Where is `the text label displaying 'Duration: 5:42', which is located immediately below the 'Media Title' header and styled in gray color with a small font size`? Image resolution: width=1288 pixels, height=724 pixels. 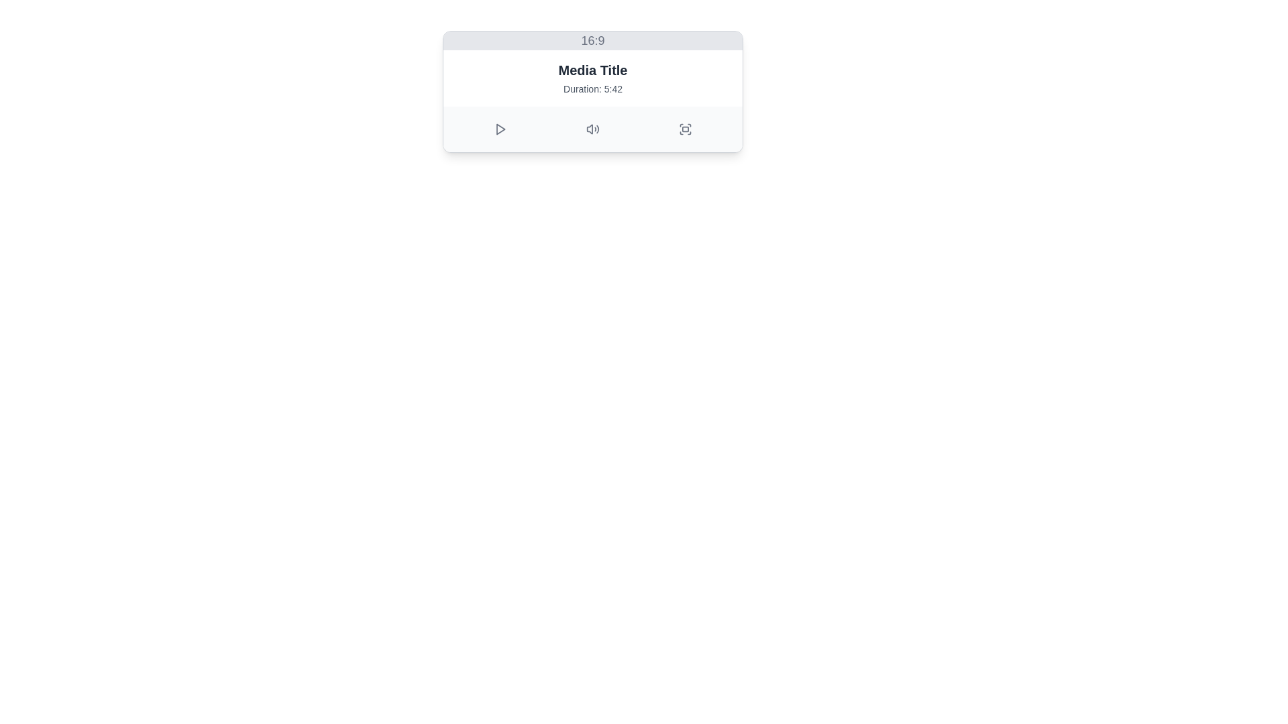 the text label displaying 'Duration: 5:42', which is located immediately below the 'Media Title' header and styled in gray color with a small font size is located at coordinates (592, 88).